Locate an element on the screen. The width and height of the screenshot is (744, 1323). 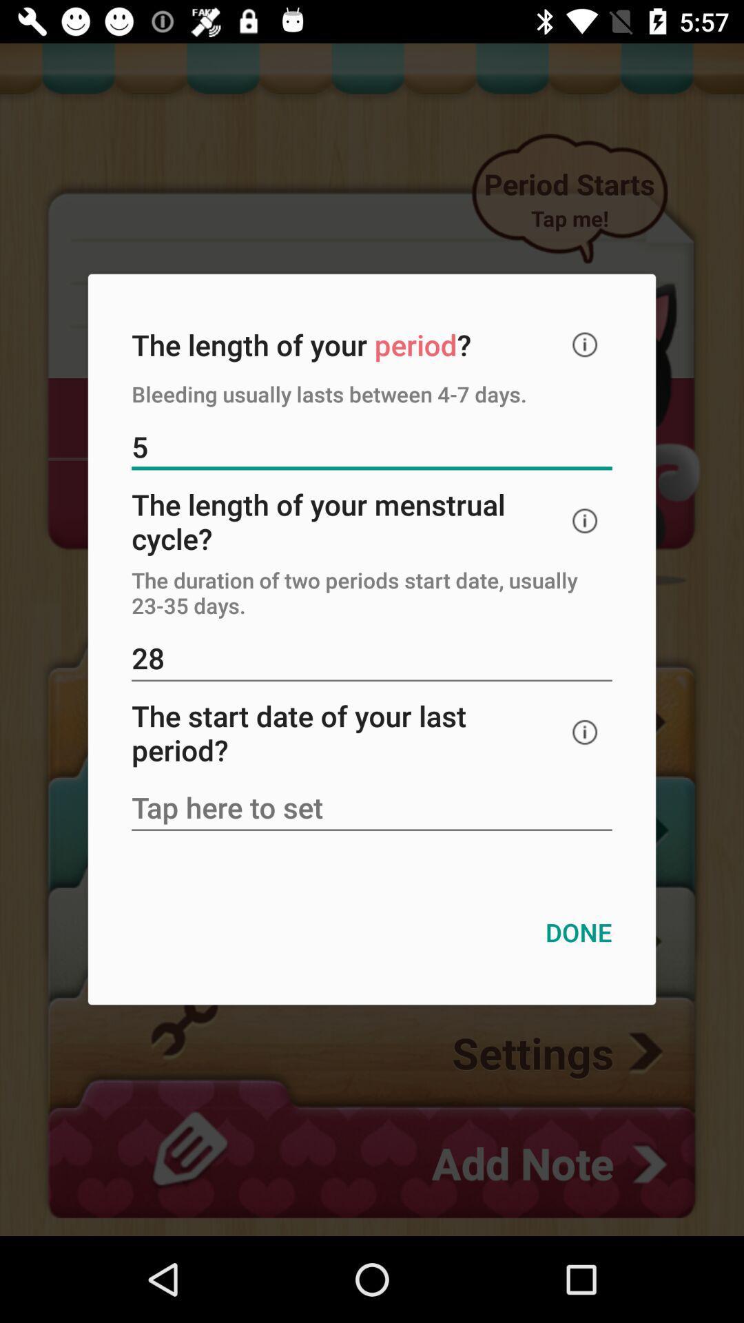
more information is located at coordinates (585, 345).